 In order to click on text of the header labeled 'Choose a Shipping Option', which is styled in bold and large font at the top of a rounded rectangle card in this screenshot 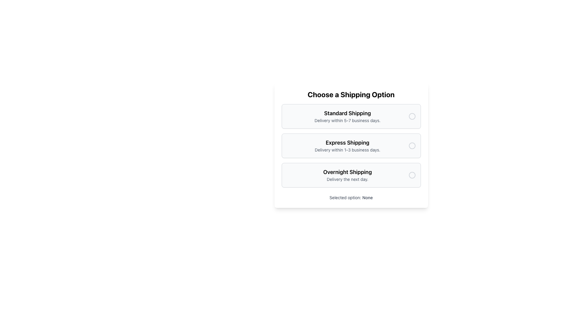, I will do `click(351, 94)`.